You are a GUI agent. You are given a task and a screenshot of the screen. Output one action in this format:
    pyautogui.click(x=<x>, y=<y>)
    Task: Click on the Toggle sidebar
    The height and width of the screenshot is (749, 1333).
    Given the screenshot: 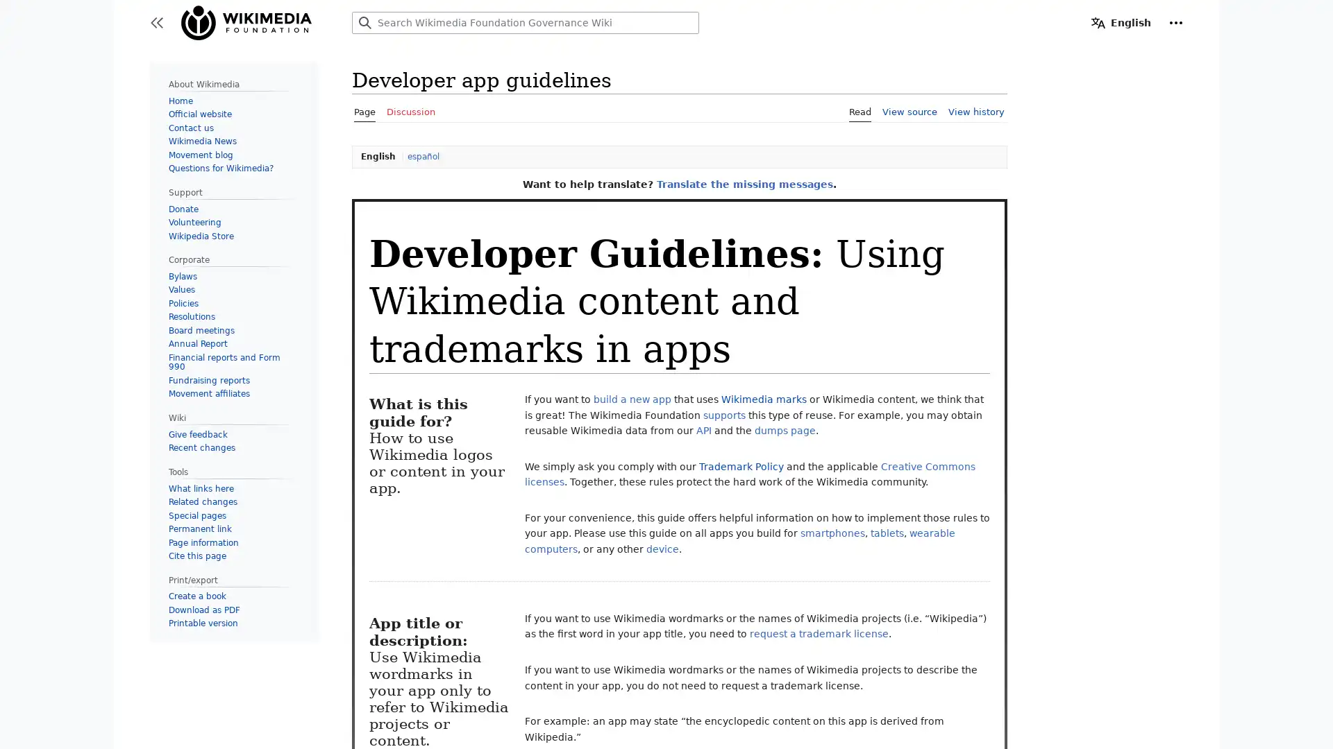 What is the action you would take?
    pyautogui.click(x=156, y=23)
    